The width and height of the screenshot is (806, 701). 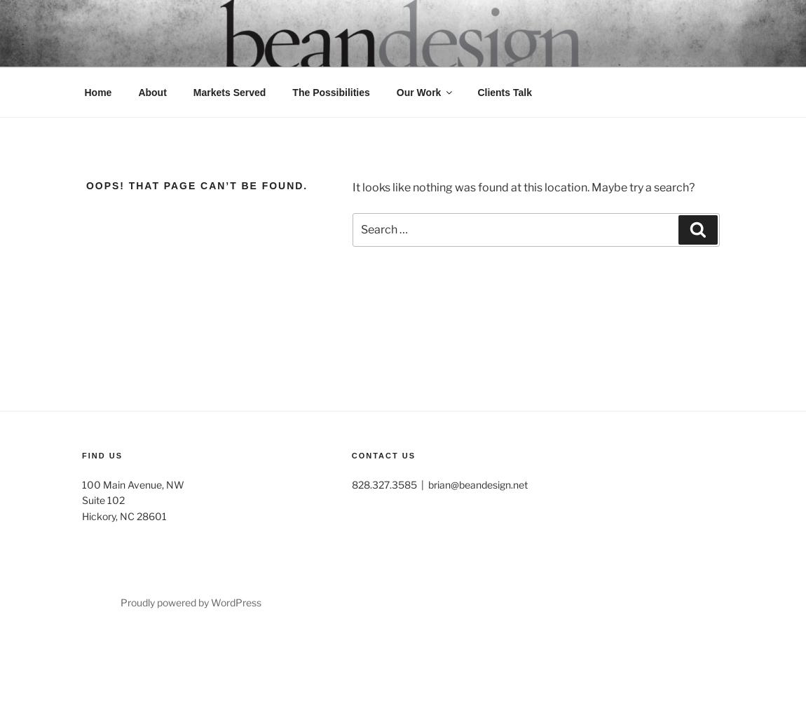 What do you see at coordinates (503, 92) in the screenshot?
I see `'Clients Talk'` at bounding box center [503, 92].